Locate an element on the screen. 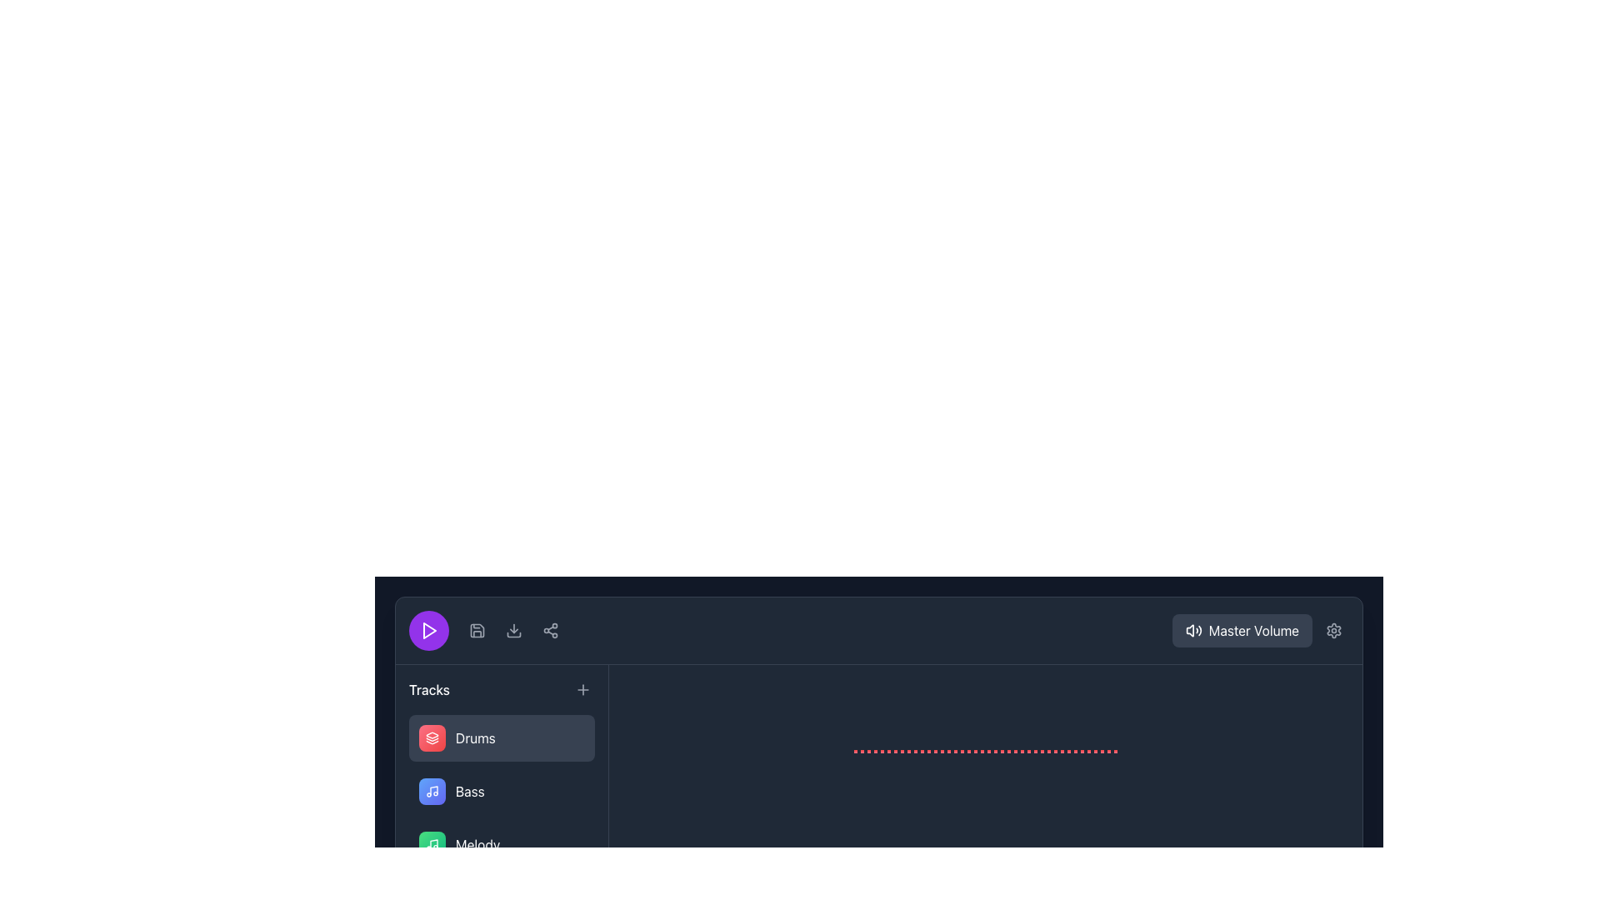 This screenshot has width=1600, height=900. the 'Melody' icon located in the left sidebar under the 'Tracks' section, immediately following the 'Bass' entry is located at coordinates (432, 845).